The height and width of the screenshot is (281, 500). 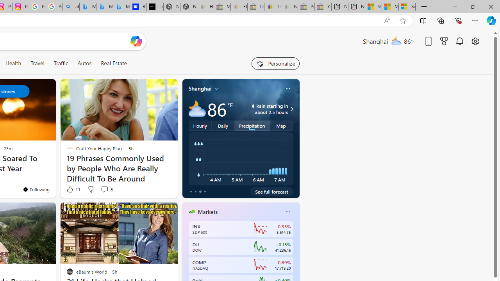 What do you see at coordinates (217, 88) in the screenshot?
I see `'My location'` at bounding box center [217, 88].